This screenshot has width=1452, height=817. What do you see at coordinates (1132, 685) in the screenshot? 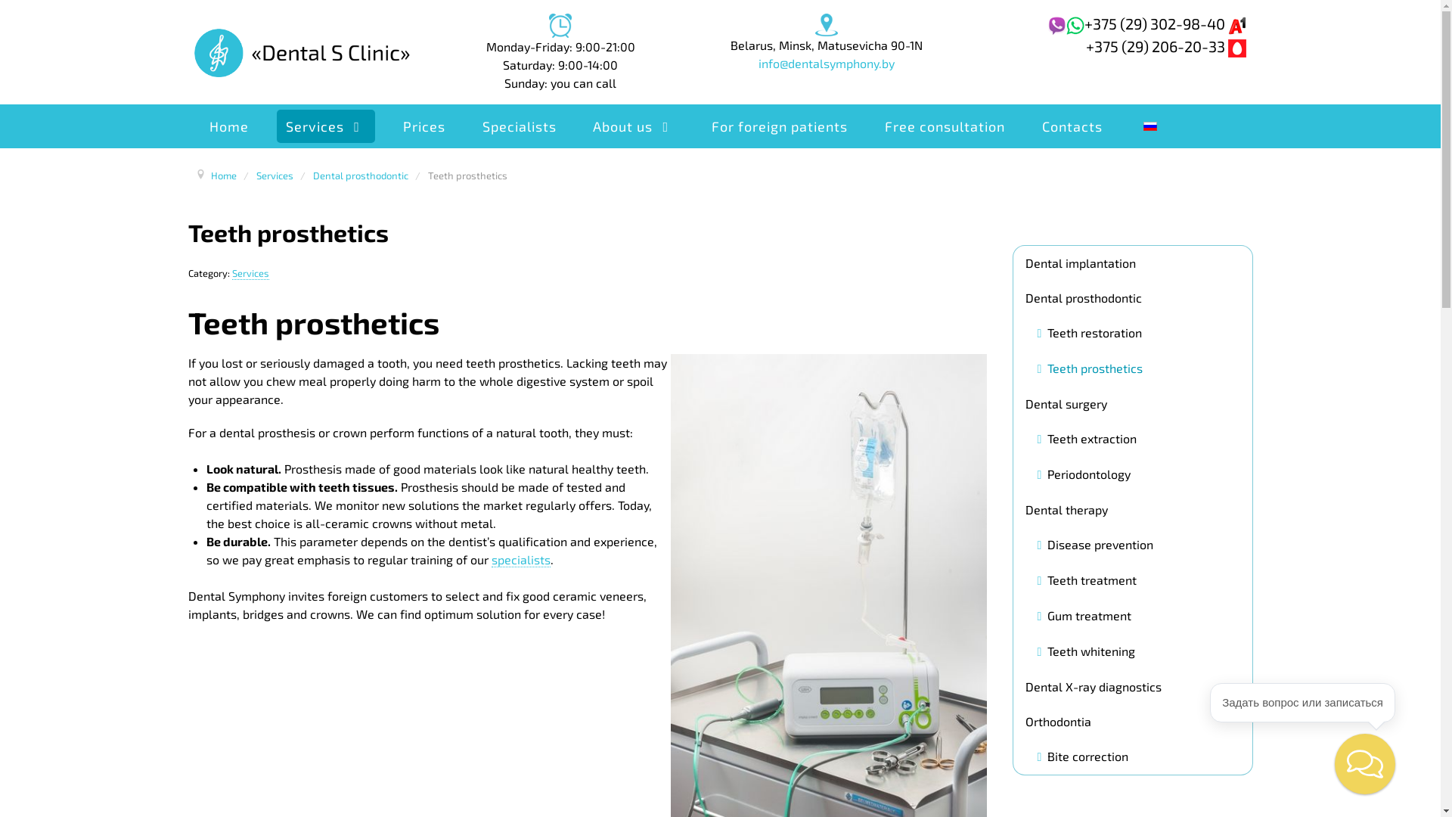
I see `'Dental X-ray diagnostics'` at bounding box center [1132, 685].